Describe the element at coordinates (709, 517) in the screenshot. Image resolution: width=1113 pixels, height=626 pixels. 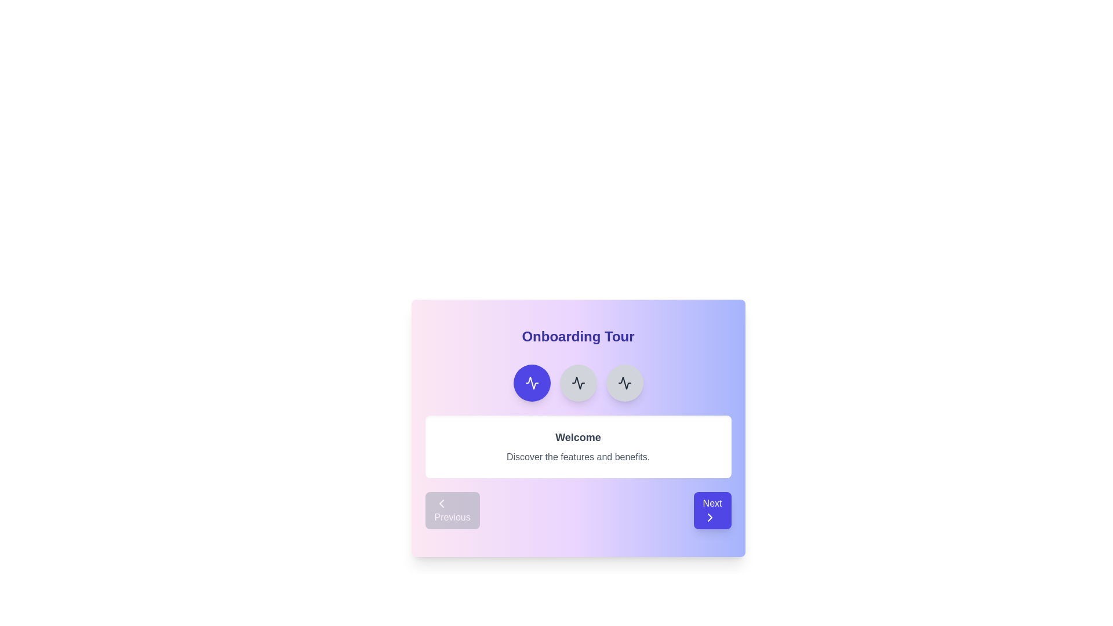
I see `the chevron icon located at the center of the 'Next' button to proceed` at that location.